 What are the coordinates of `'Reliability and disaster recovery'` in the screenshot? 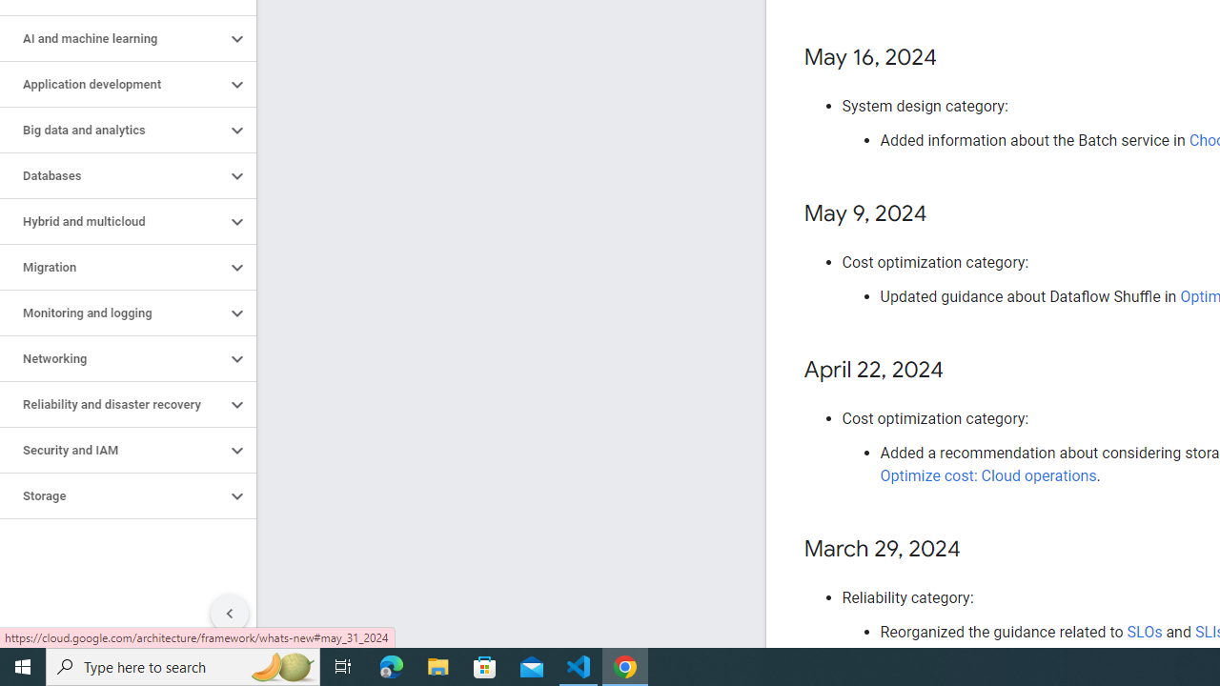 It's located at (112, 404).